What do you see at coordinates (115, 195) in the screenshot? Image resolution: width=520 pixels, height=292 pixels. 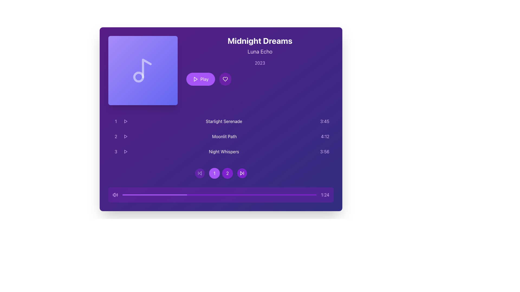 I see `the purple volume control icon, which features a speaker shape emitting sound waves` at bounding box center [115, 195].